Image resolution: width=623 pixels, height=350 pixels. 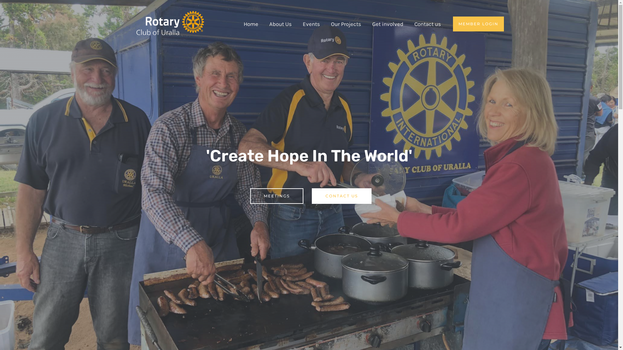 What do you see at coordinates (478, 23) in the screenshot?
I see `'MEMBER LOGIN'` at bounding box center [478, 23].